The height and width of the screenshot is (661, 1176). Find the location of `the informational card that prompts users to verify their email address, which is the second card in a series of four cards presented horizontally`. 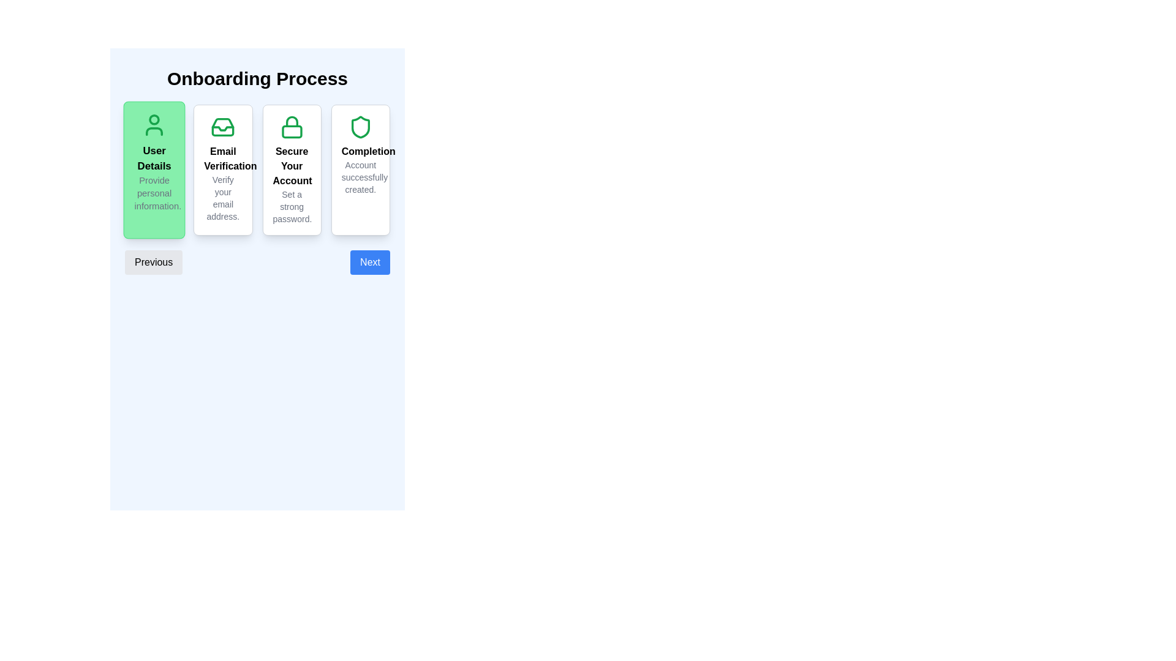

the informational card that prompts users to verify their email address, which is the second card in a series of four cards presented horizontally is located at coordinates (223, 170).